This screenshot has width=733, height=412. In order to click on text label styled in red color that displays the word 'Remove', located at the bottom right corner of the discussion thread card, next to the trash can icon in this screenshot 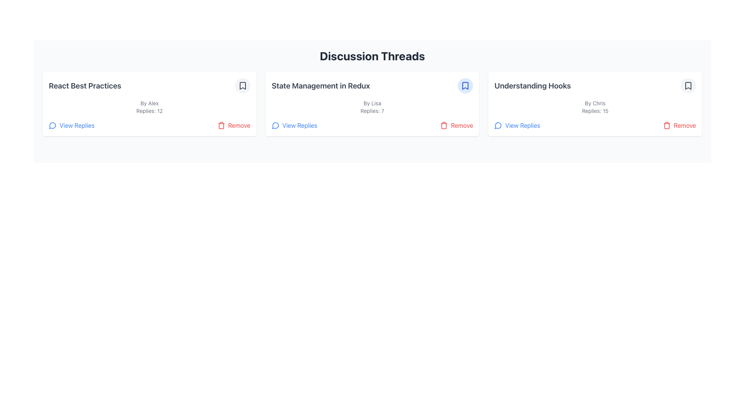, I will do `click(239, 125)`.